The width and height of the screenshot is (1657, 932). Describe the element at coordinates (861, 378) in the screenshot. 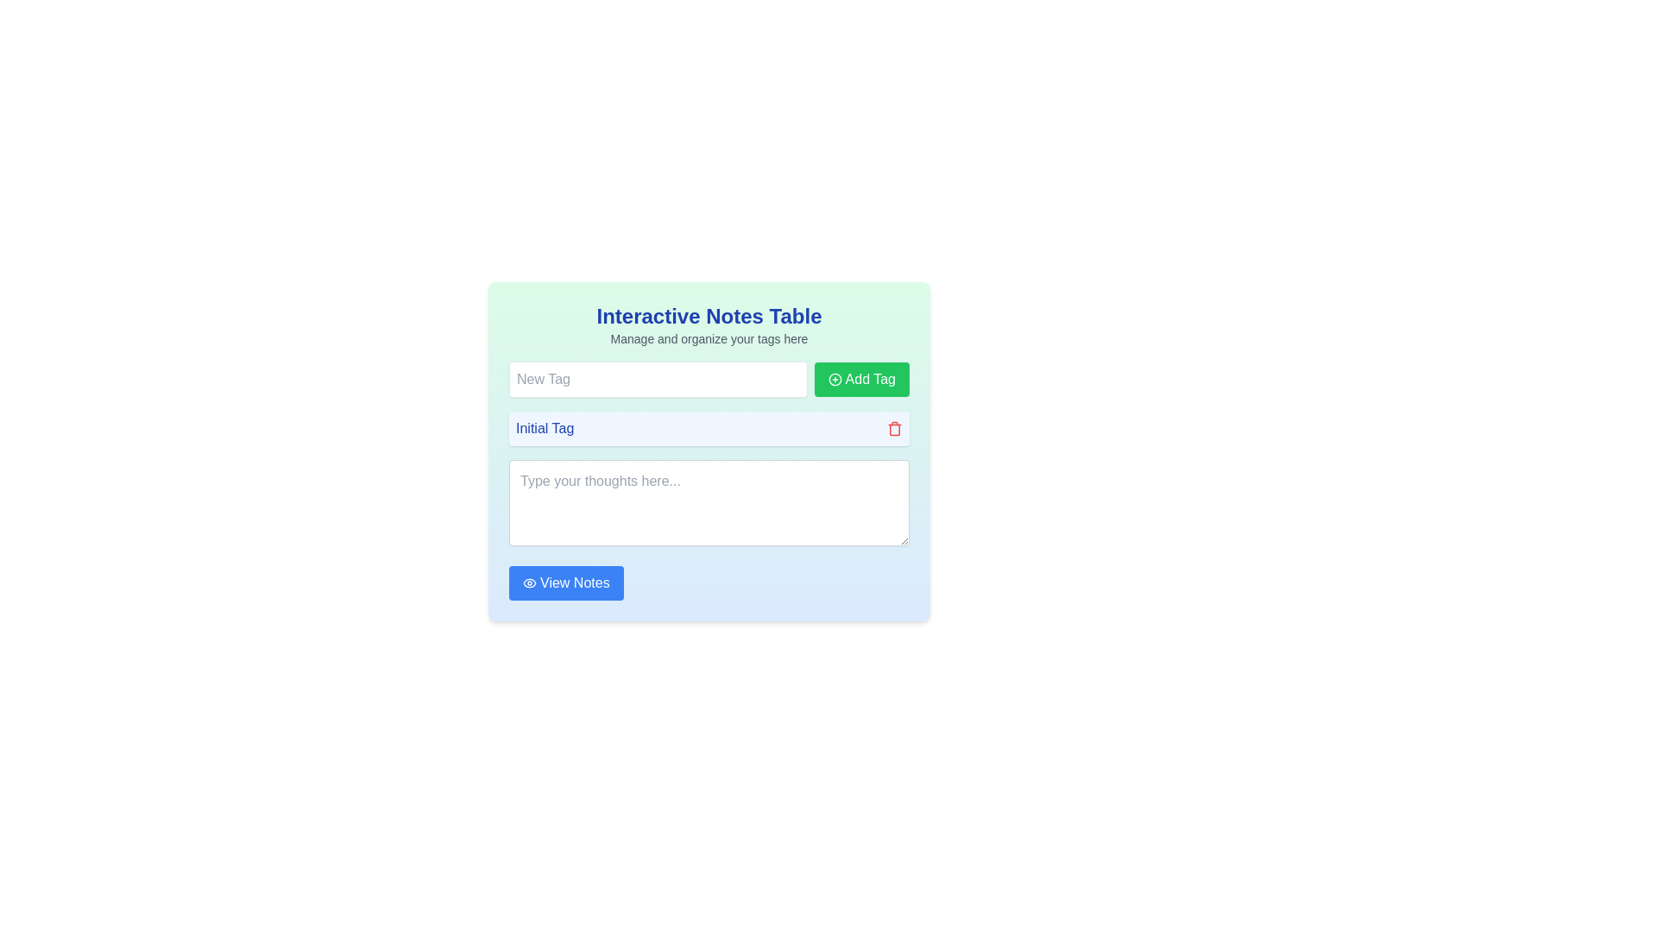

I see `the green 'Add Tag' button with rounded edges located to the right of the 'New Tag' input field` at that location.